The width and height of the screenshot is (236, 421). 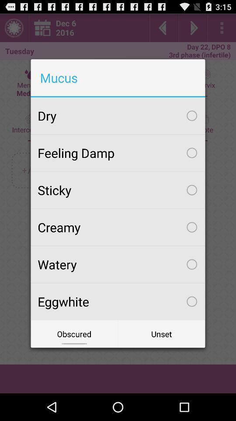 What do you see at coordinates (118, 115) in the screenshot?
I see `dry checkbox` at bounding box center [118, 115].